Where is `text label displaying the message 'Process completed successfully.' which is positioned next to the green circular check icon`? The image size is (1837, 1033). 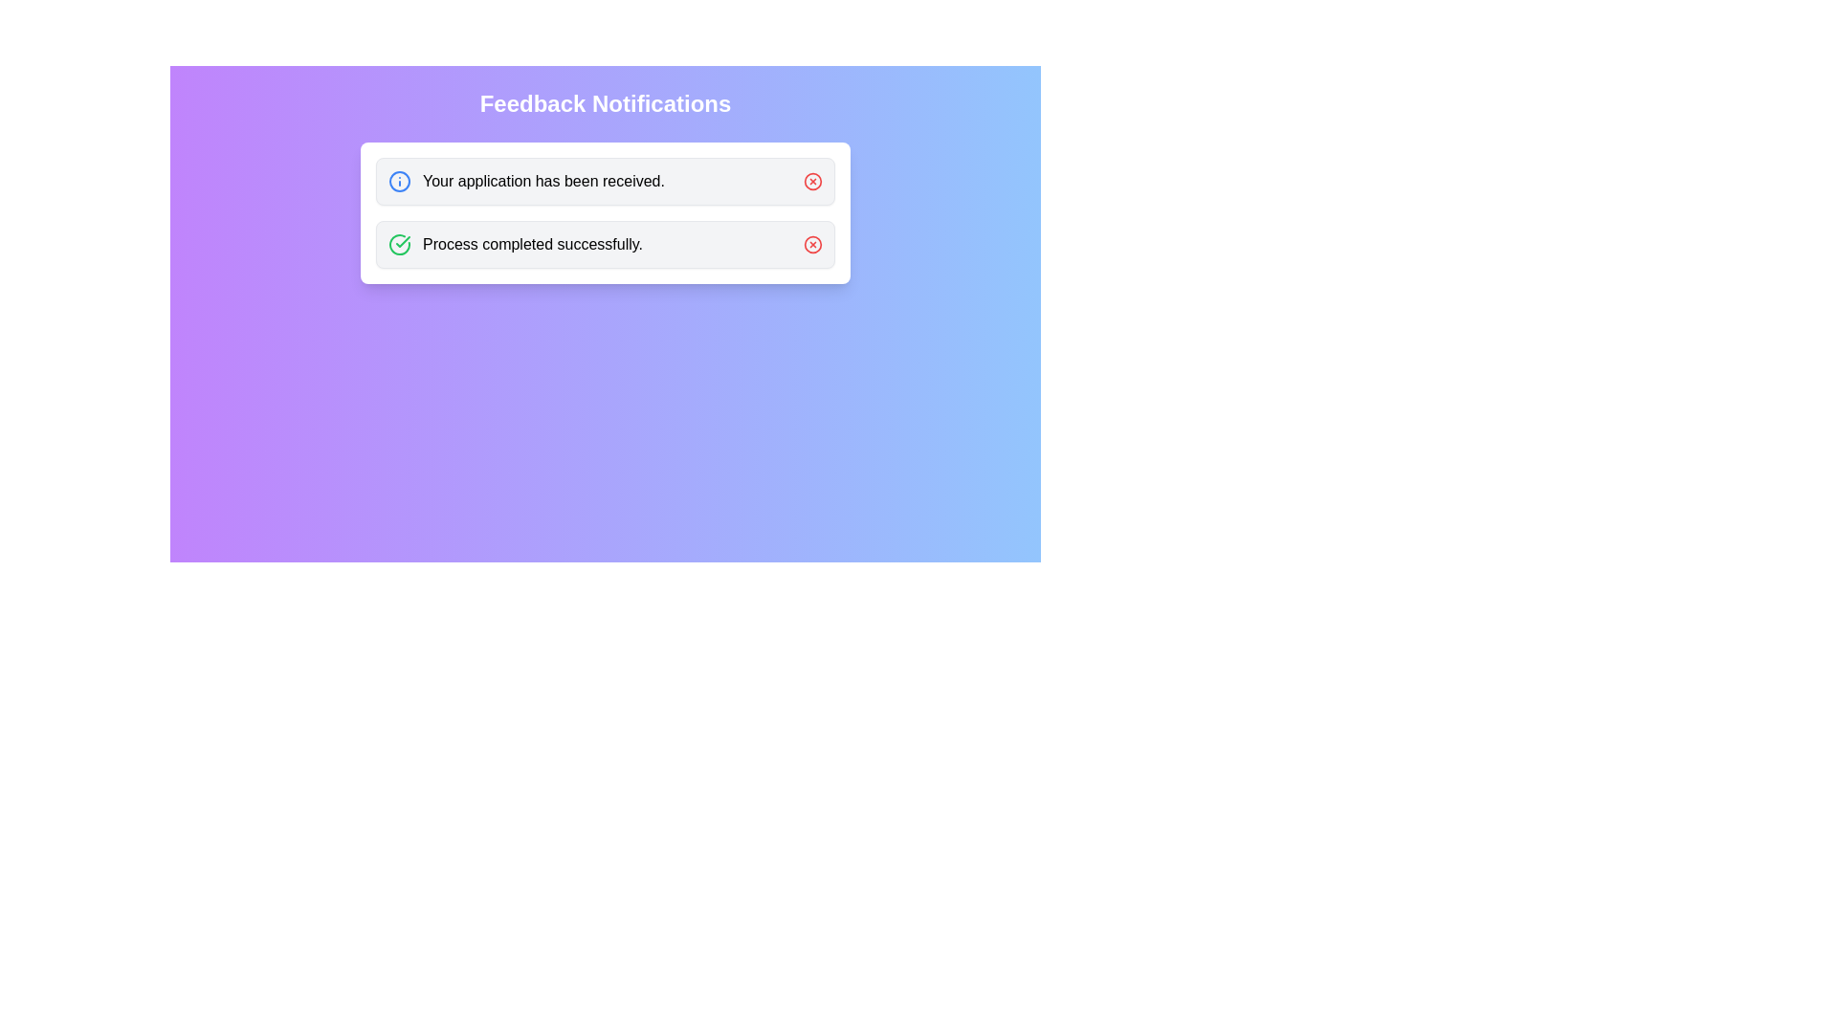
text label displaying the message 'Process completed successfully.' which is positioned next to the green circular check icon is located at coordinates (532, 243).